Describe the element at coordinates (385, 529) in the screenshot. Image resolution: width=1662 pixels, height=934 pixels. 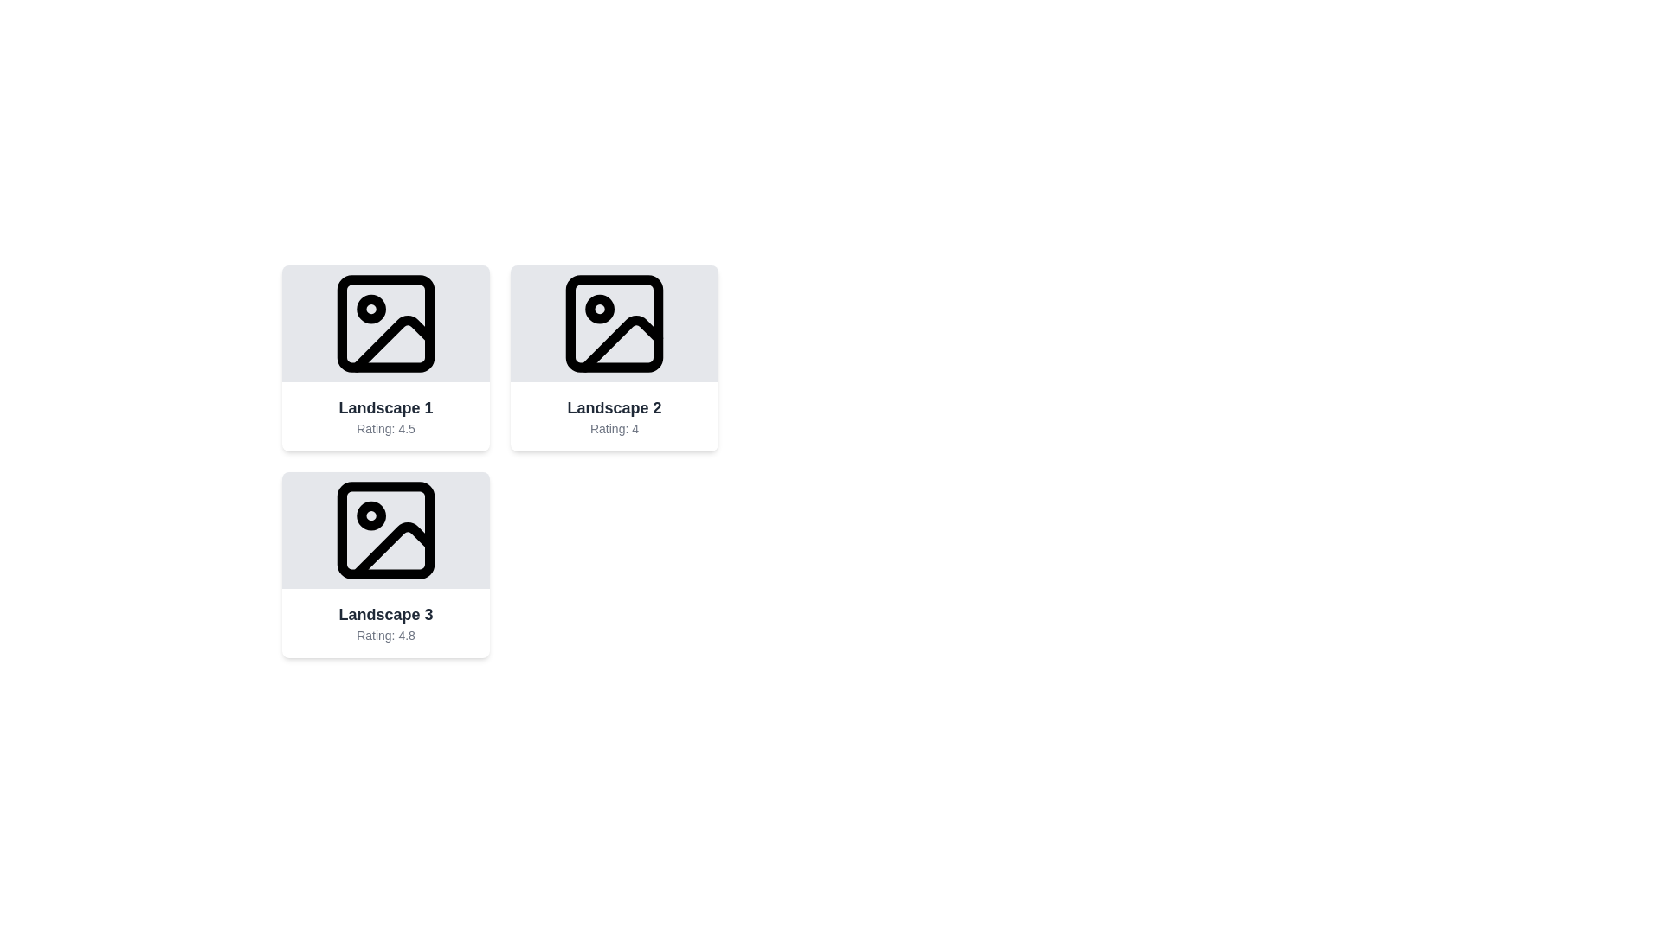
I see `the SVG rectangle decorative component located in the third image of the grid layout, which is part of the illustration for 'Landscape 3'` at that location.